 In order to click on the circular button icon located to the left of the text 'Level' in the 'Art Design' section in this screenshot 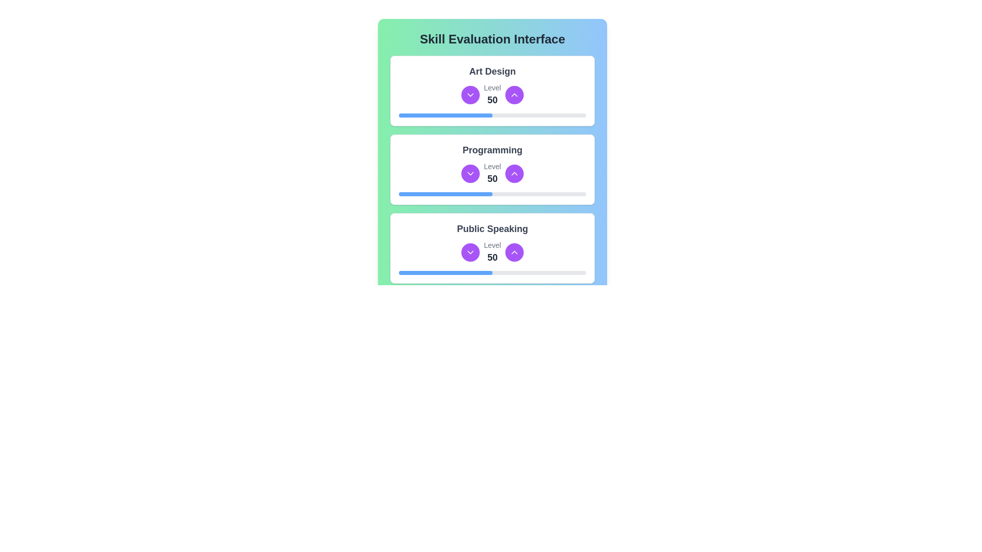, I will do `click(470, 252)`.